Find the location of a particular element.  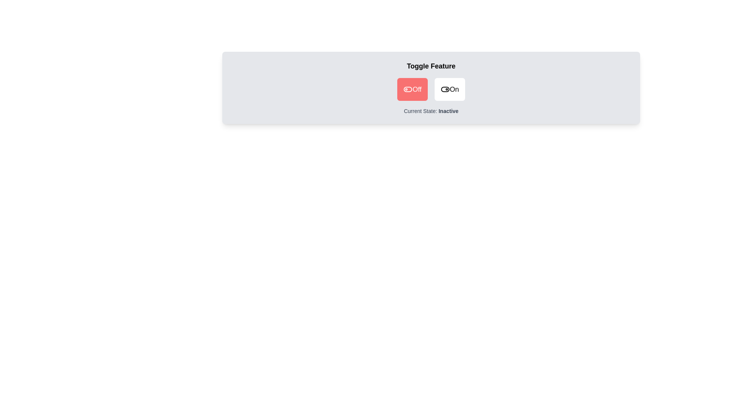

the button labeled Off is located at coordinates (412, 89).